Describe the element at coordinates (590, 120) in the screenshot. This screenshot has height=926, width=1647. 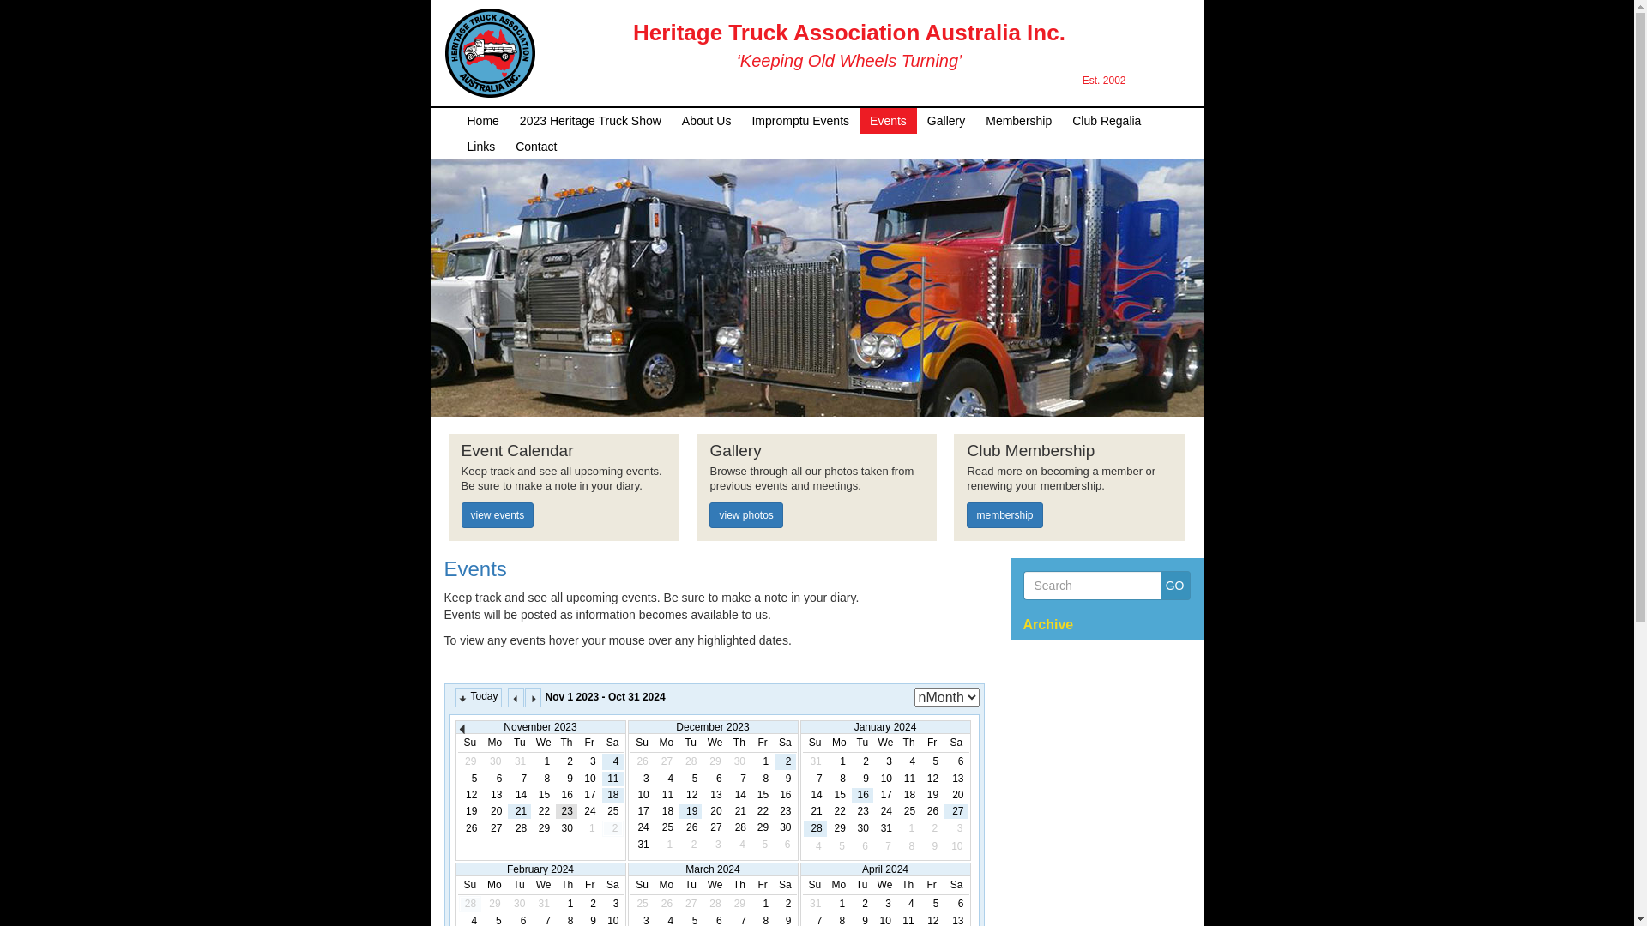
I see `'2023 Heritage Truck Show'` at that location.